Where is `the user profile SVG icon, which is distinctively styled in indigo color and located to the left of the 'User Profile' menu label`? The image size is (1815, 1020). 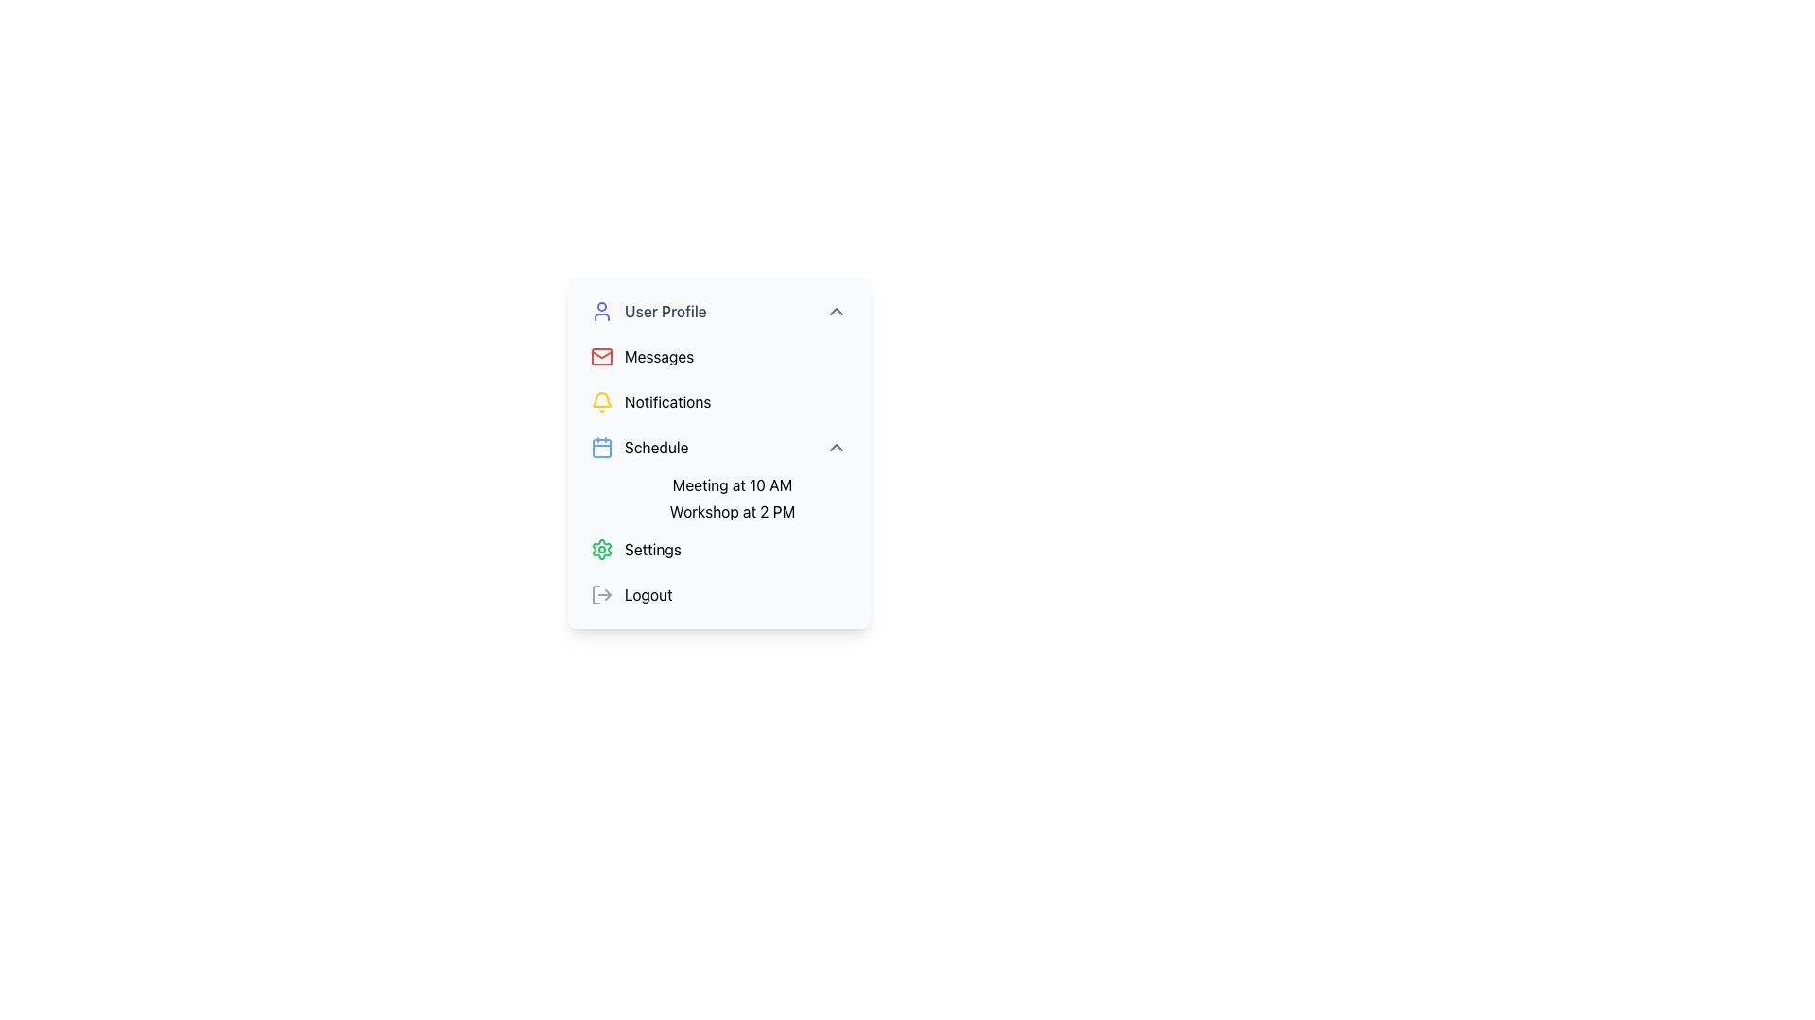 the user profile SVG icon, which is distinctively styled in indigo color and located to the left of the 'User Profile' menu label is located at coordinates (601, 311).